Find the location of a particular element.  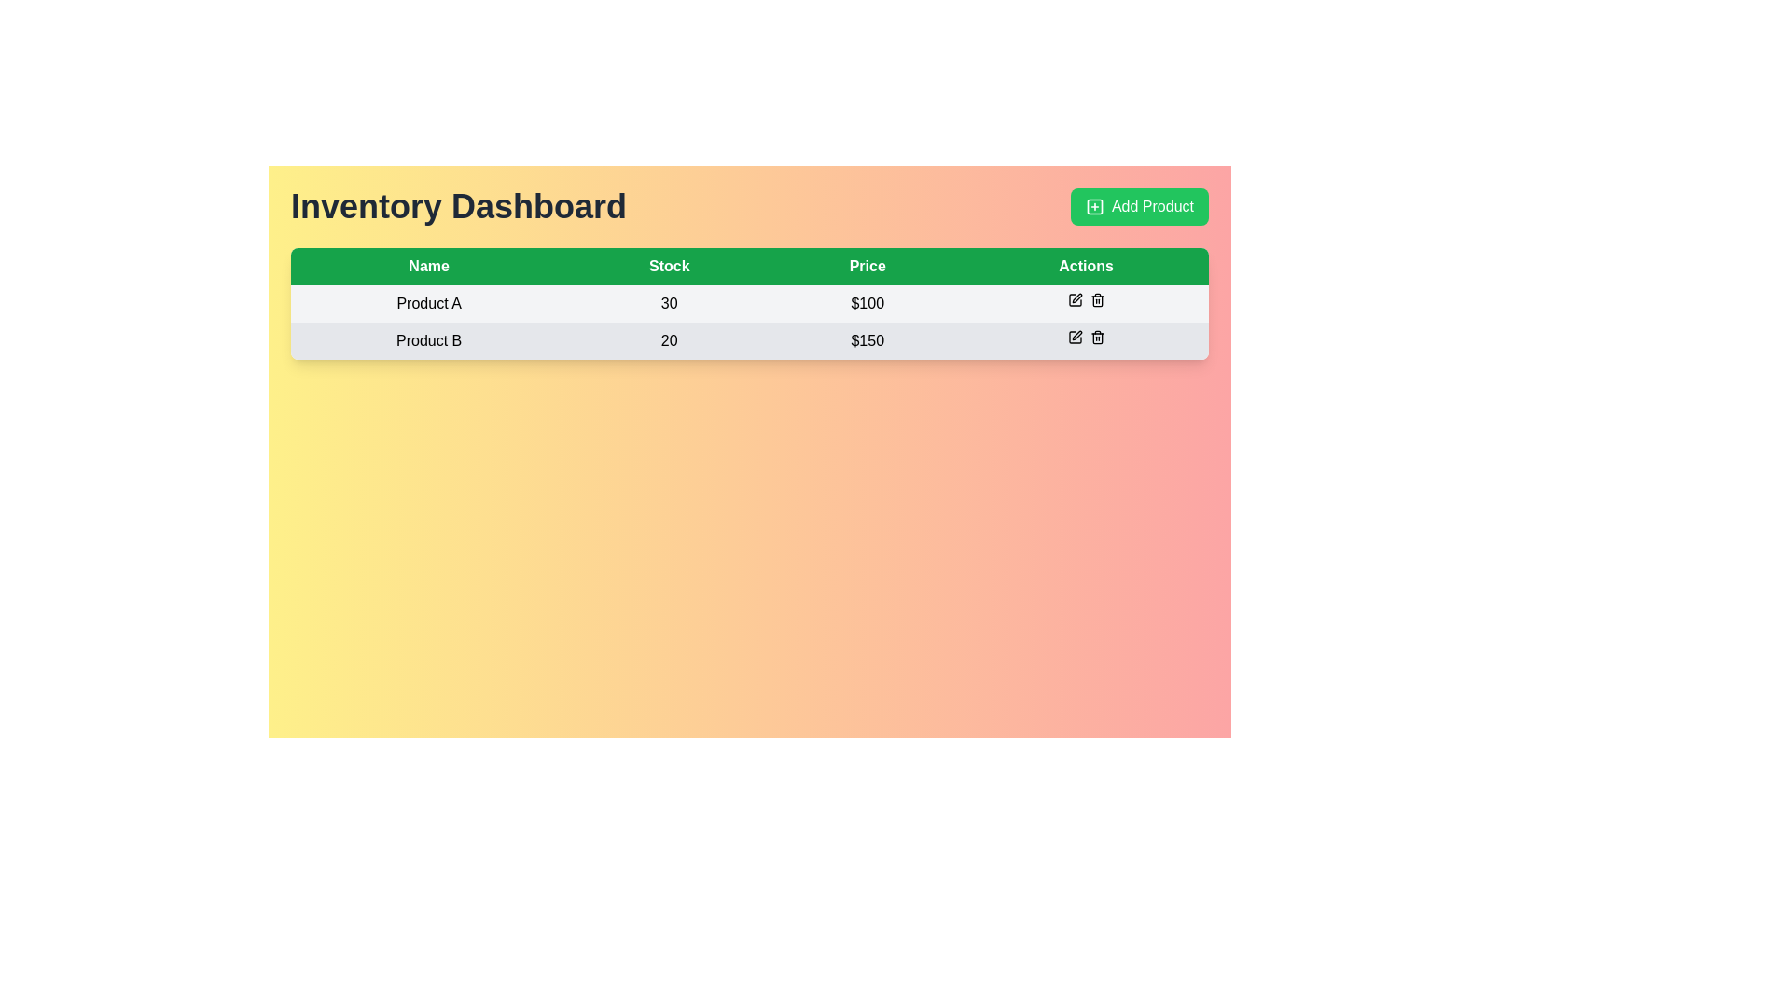

displayed number in the text field showing '20' located in the second row of the table under the 'Stock' column, adjacent to 'Product B' on the left and '$150' on the right is located at coordinates (669, 341).